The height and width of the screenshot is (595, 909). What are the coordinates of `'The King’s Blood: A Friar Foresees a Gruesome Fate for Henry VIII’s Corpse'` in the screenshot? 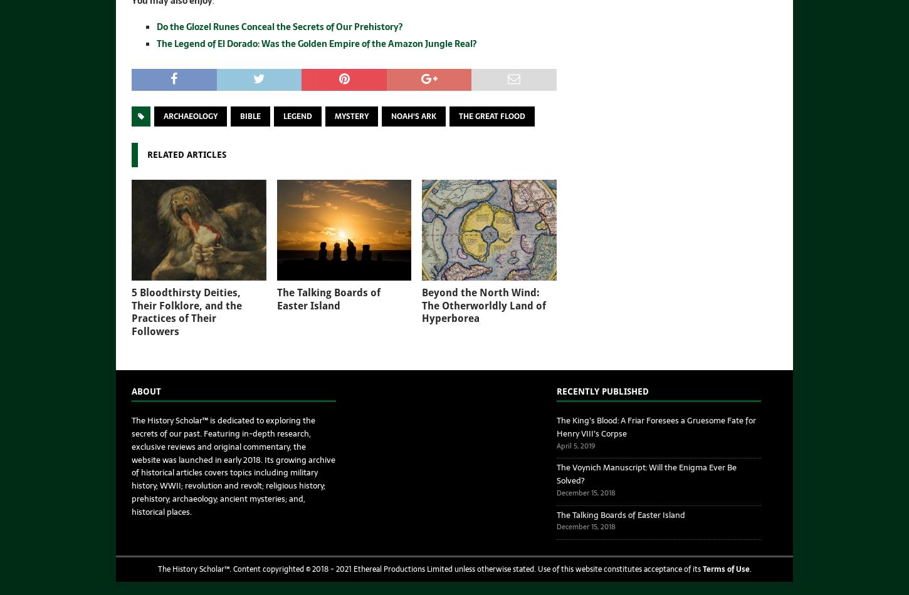 It's located at (656, 427).